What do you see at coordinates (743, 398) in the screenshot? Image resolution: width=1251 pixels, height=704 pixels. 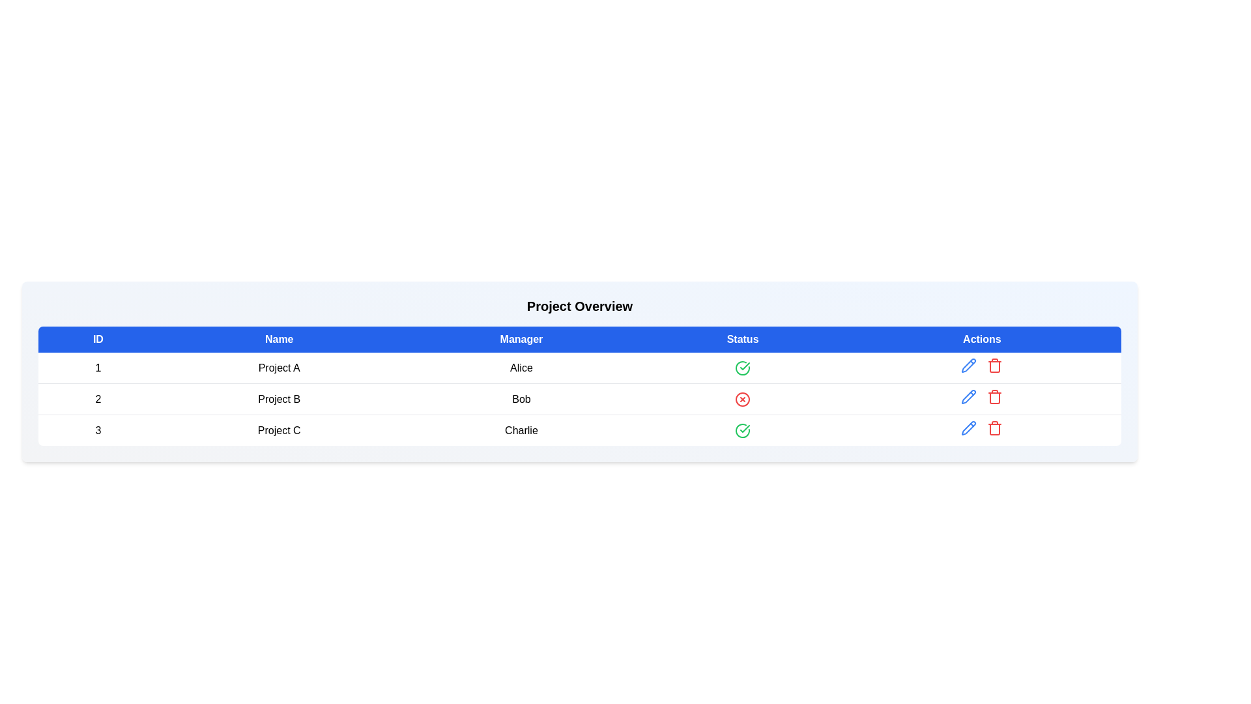 I see `the negative status icon in the 'Status' column for 'Project B' managed by 'Bob', located between the 'Manager' and 'Actions' columns` at bounding box center [743, 398].